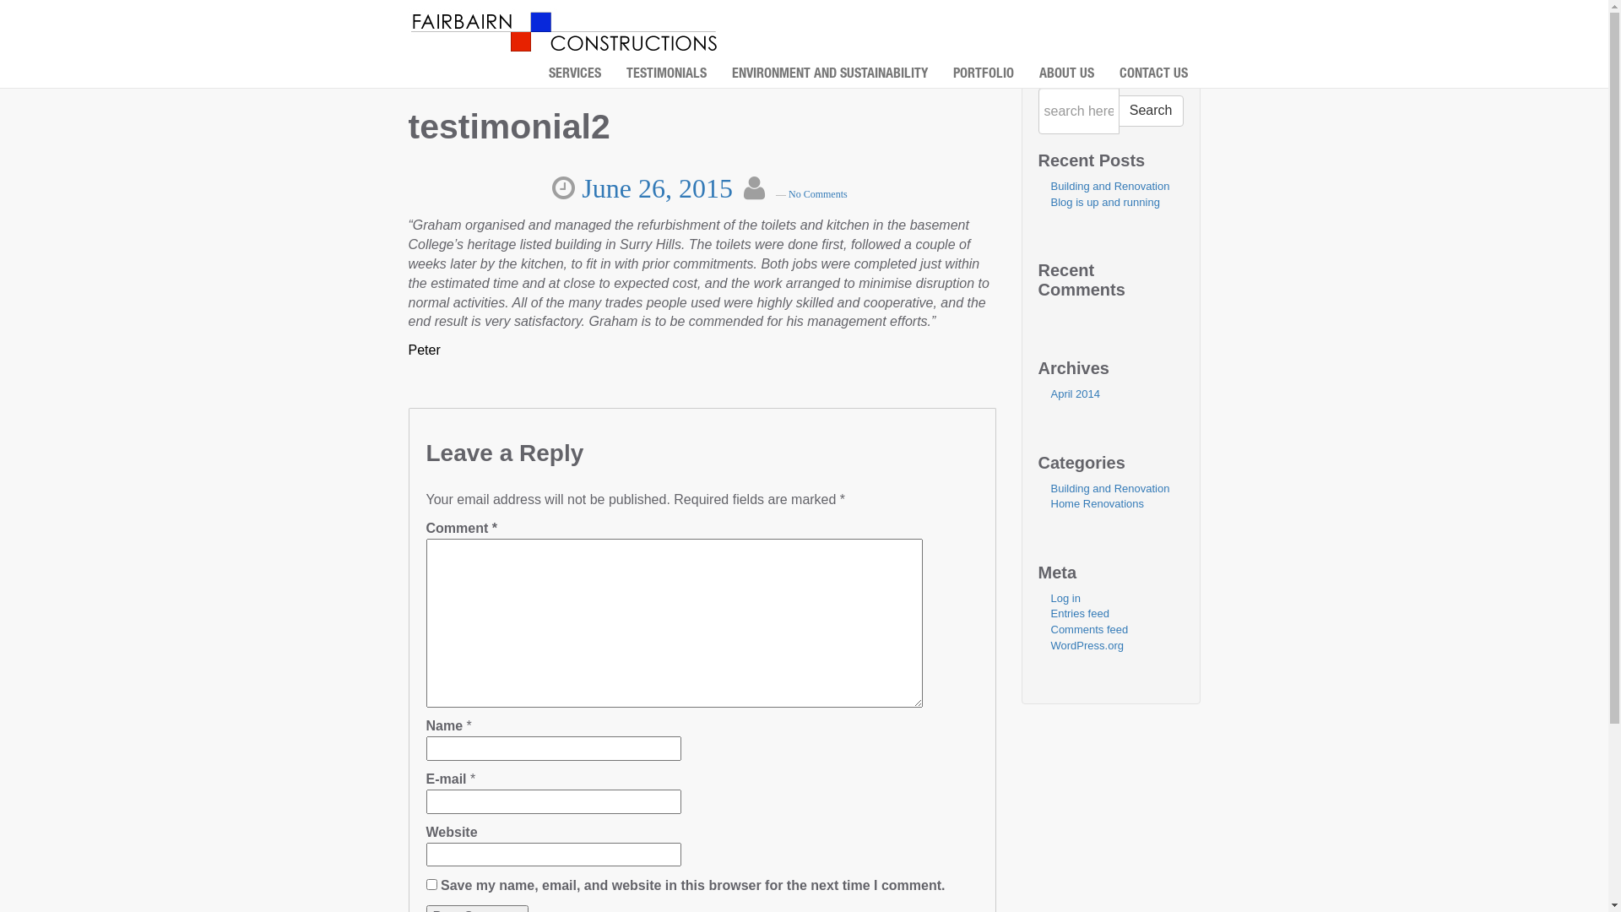 The height and width of the screenshot is (912, 1621). I want to click on 'No Comments', so click(788, 193).